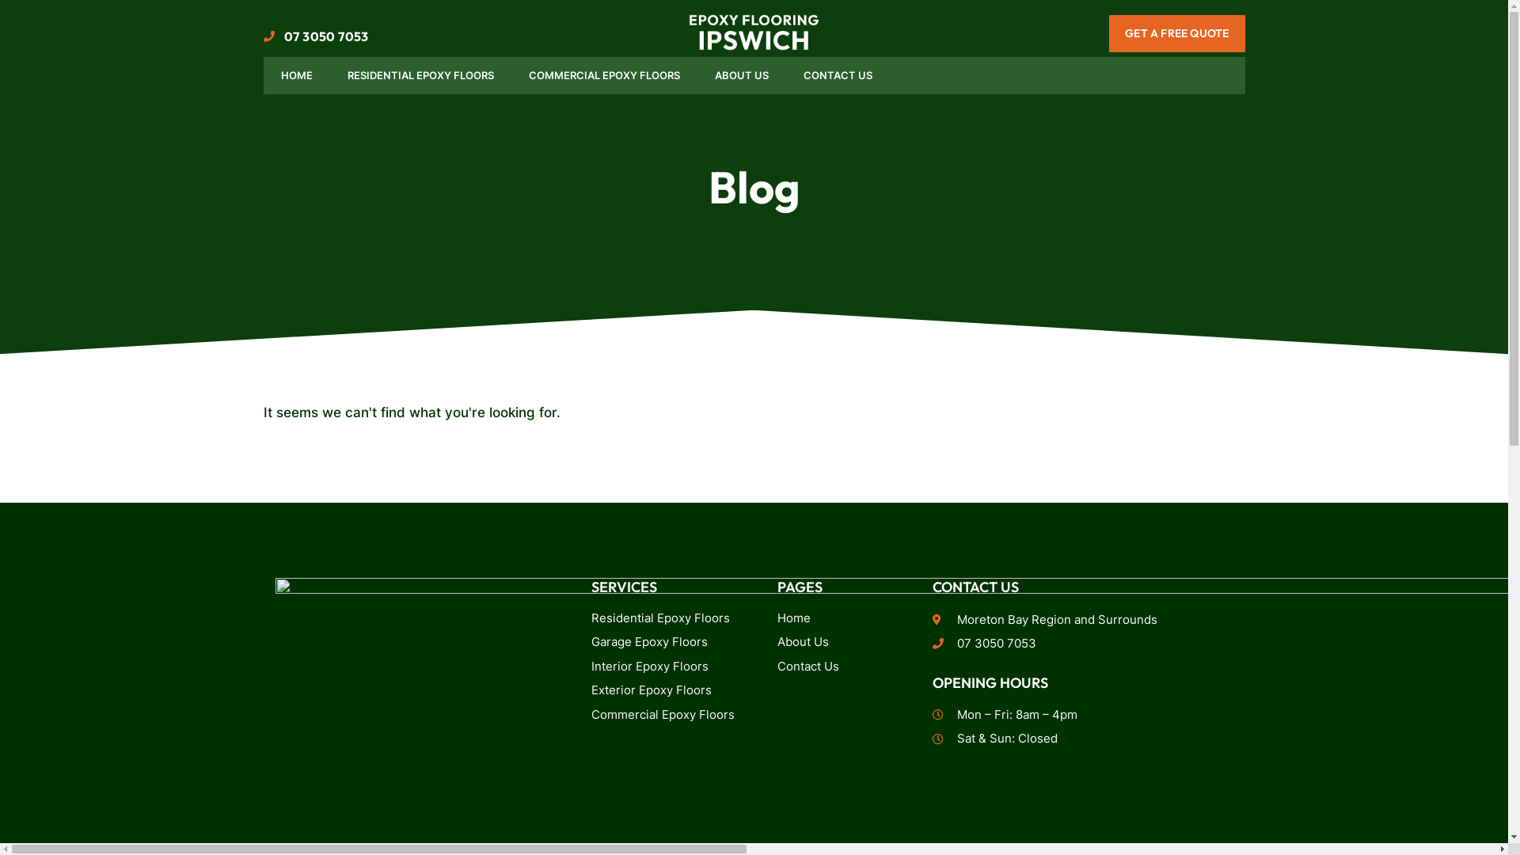  Describe the element at coordinates (420, 76) in the screenshot. I see `'RESIDENTIAL EPOXY FLOORS'` at that location.